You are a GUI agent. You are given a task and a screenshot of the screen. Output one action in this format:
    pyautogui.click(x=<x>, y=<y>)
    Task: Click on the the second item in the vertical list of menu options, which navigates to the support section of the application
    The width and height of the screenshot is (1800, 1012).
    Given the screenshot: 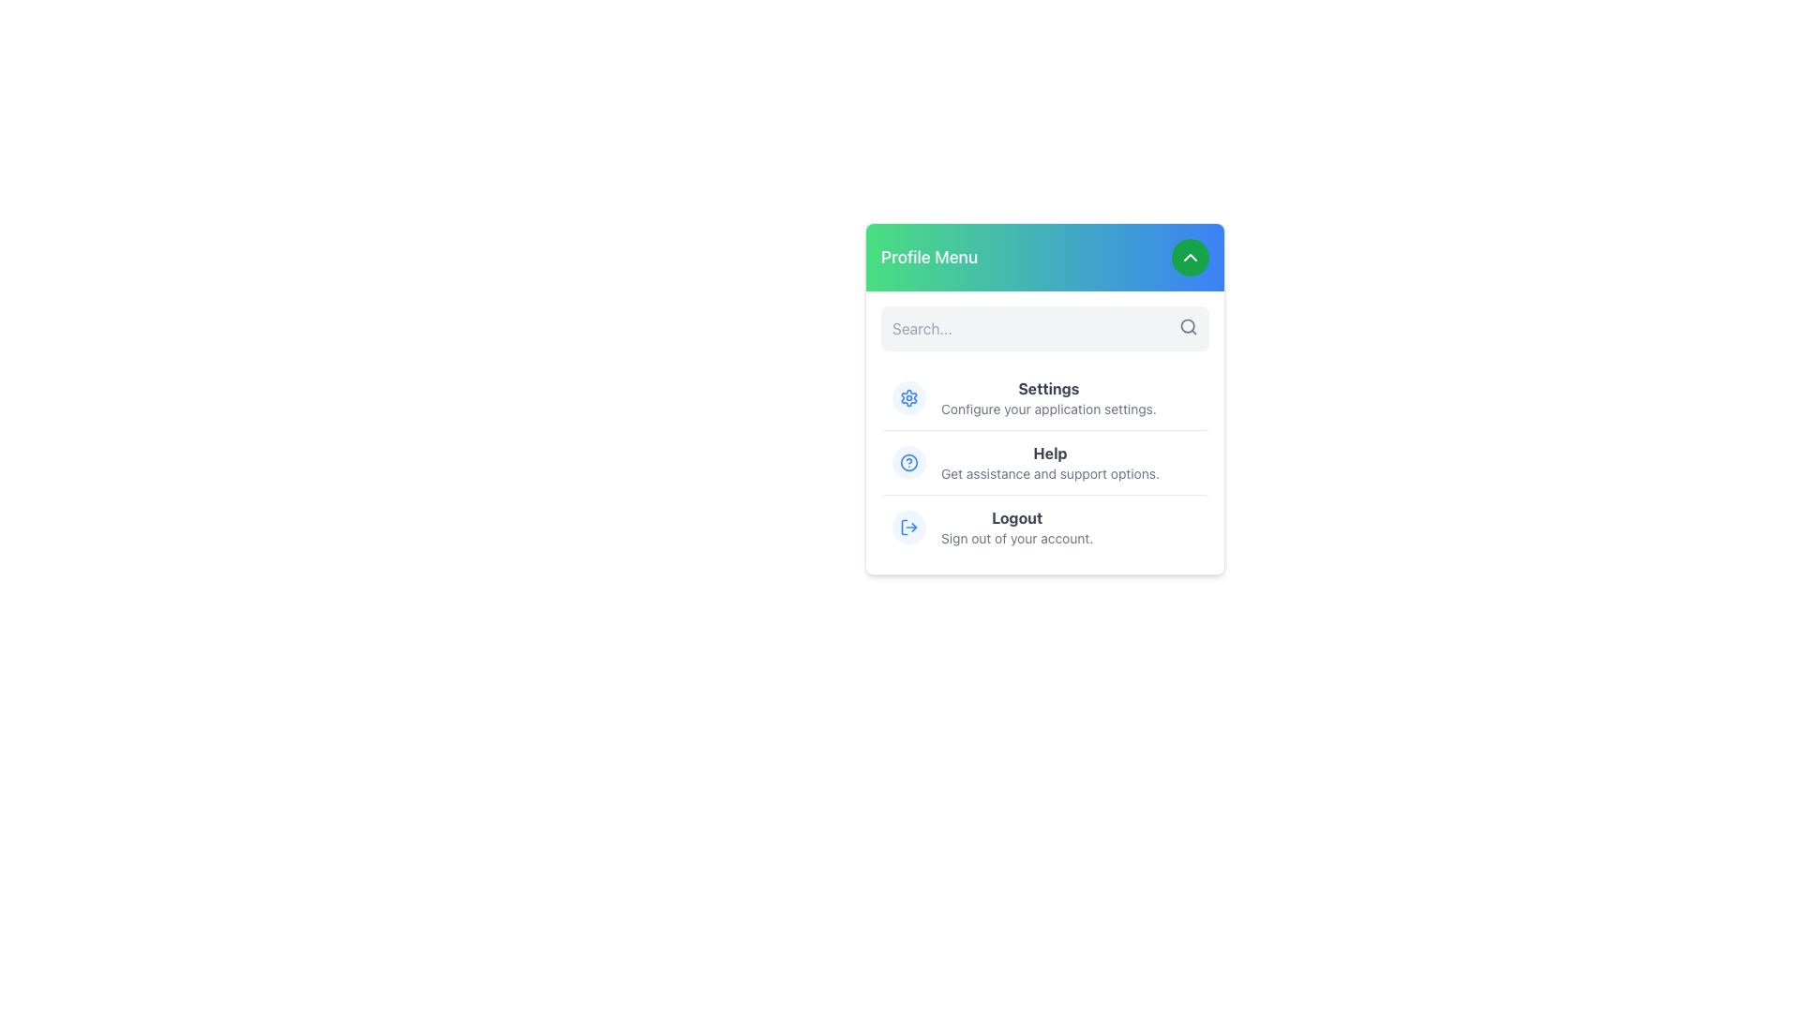 What is the action you would take?
    pyautogui.click(x=1043, y=462)
    